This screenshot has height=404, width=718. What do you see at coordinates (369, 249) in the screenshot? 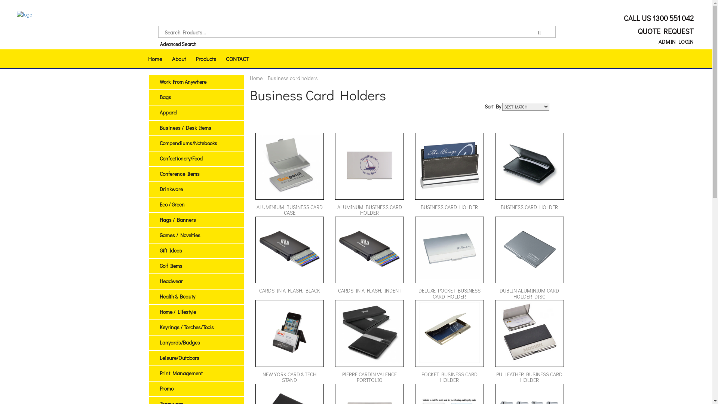
I see `'Cards in a Flash, Indent (C6800I_PREMIER)'` at bounding box center [369, 249].